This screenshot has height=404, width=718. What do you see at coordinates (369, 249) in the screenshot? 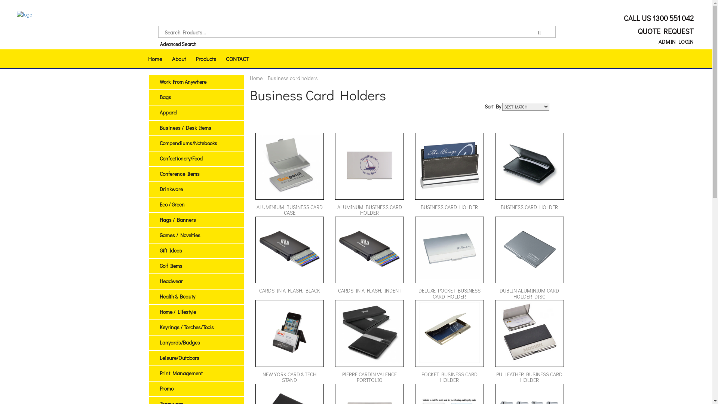
I see `'Cards in a Flash, Indent (C6800I_PREMIER)'` at bounding box center [369, 249].